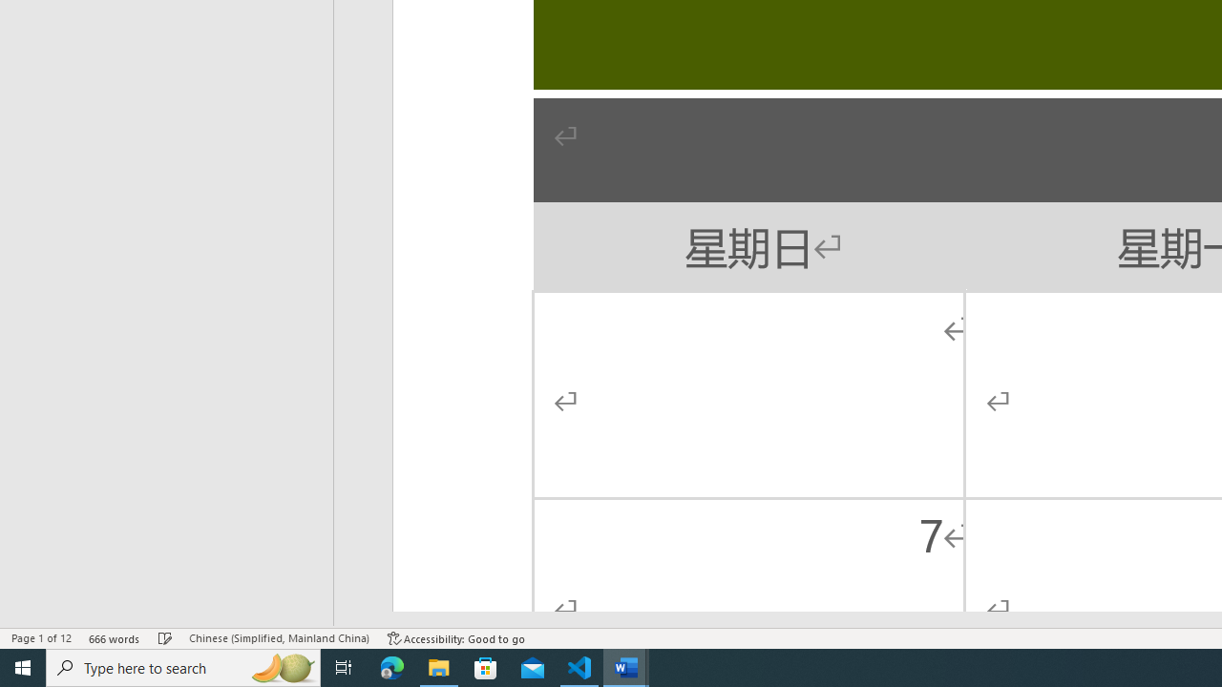  What do you see at coordinates (41, 638) in the screenshot?
I see `'Page Number Page 1 of 12'` at bounding box center [41, 638].